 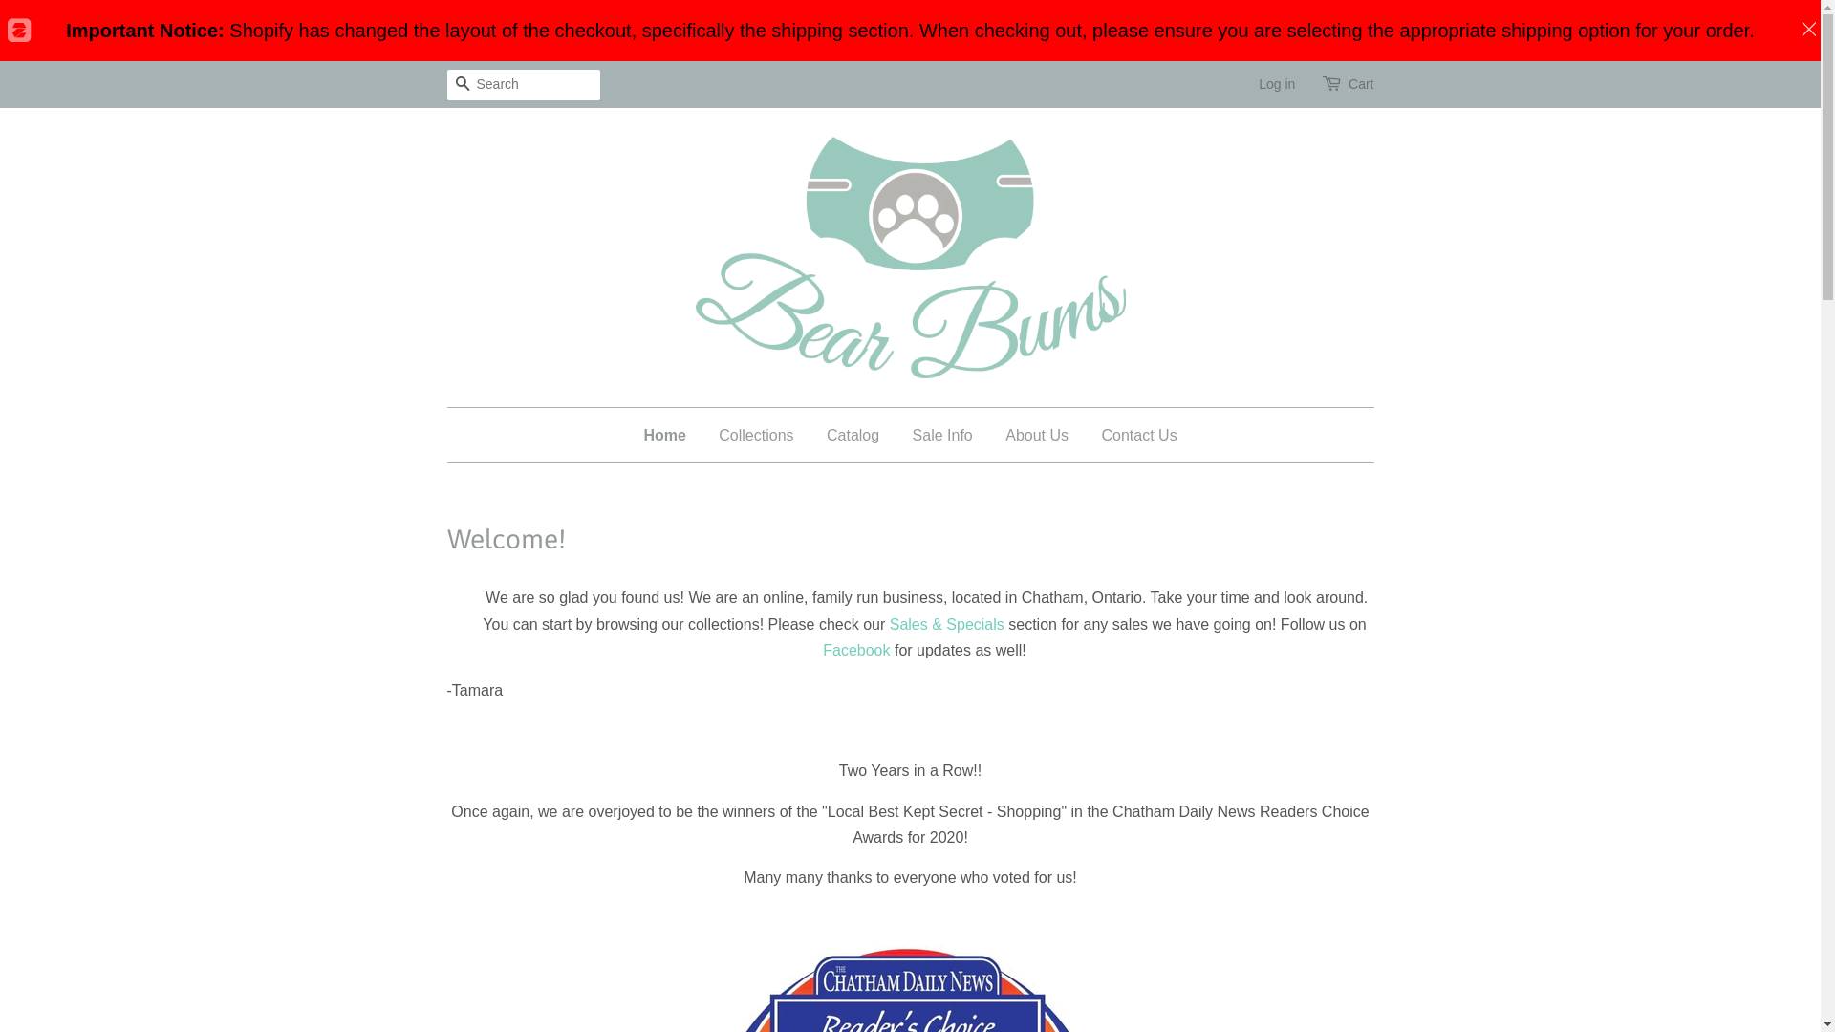 What do you see at coordinates (6, 30) in the screenshot?
I see `'Zotabox'` at bounding box center [6, 30].